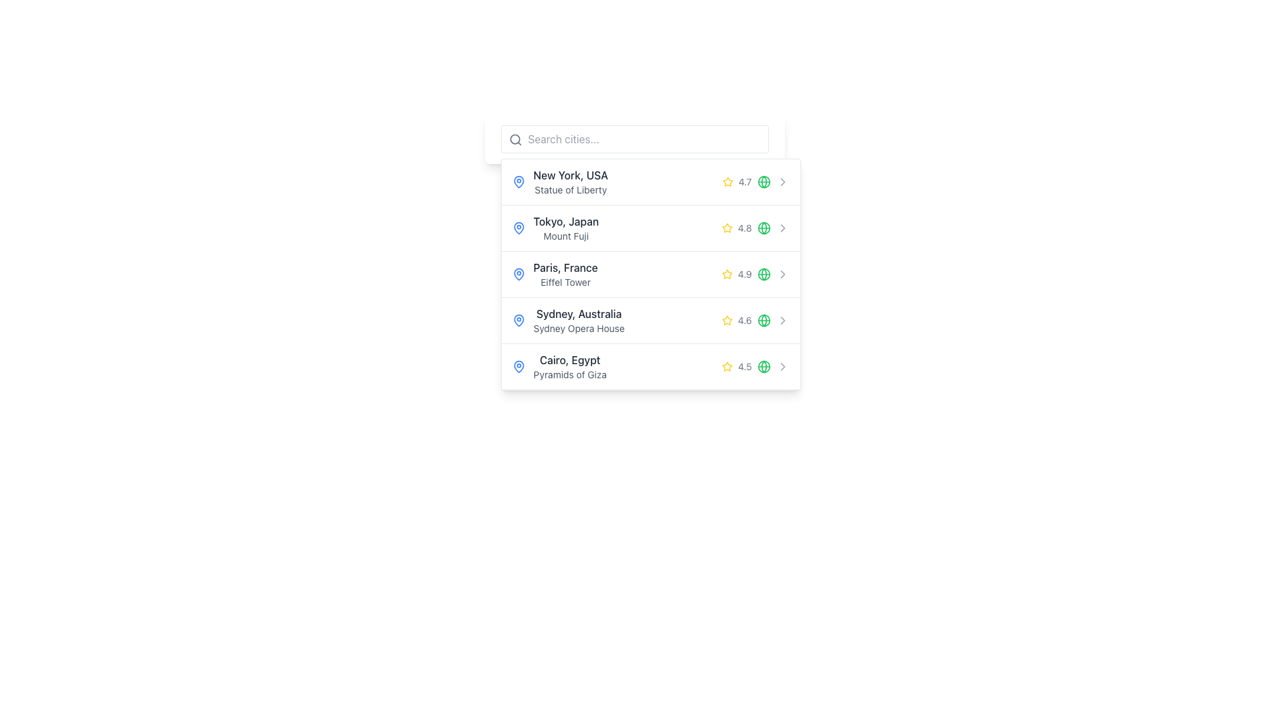 The height and width of the screenshot is (723, 1286). What do you see at coordinates (726, 320) in the screenshot?
I see `the yellow star icon representing a rating system located in the fourth list item, directly to the left of the numerical text '4.6'` at bounding box center [726, 320].